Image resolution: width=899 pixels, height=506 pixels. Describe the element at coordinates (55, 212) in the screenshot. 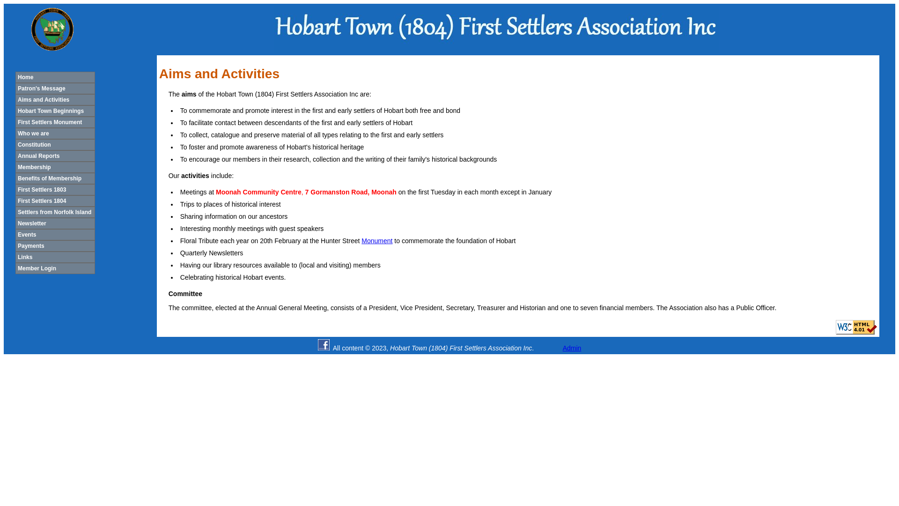

I see `'Settlers from Norfolk Island'` at that location.